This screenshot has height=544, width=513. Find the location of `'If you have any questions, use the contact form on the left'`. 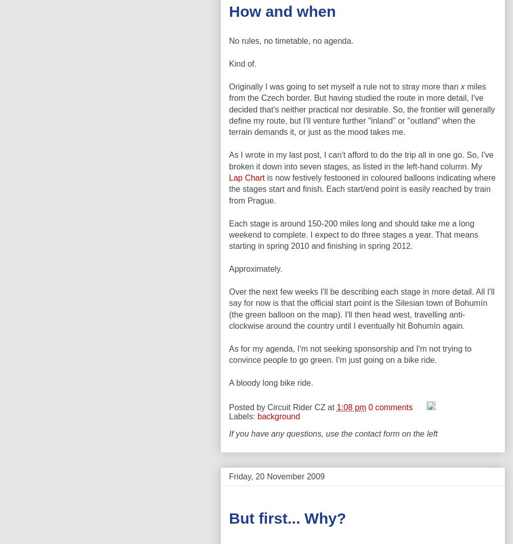

'If you have any questions, use the contact form on the left' is located at coordinates (333, 434).